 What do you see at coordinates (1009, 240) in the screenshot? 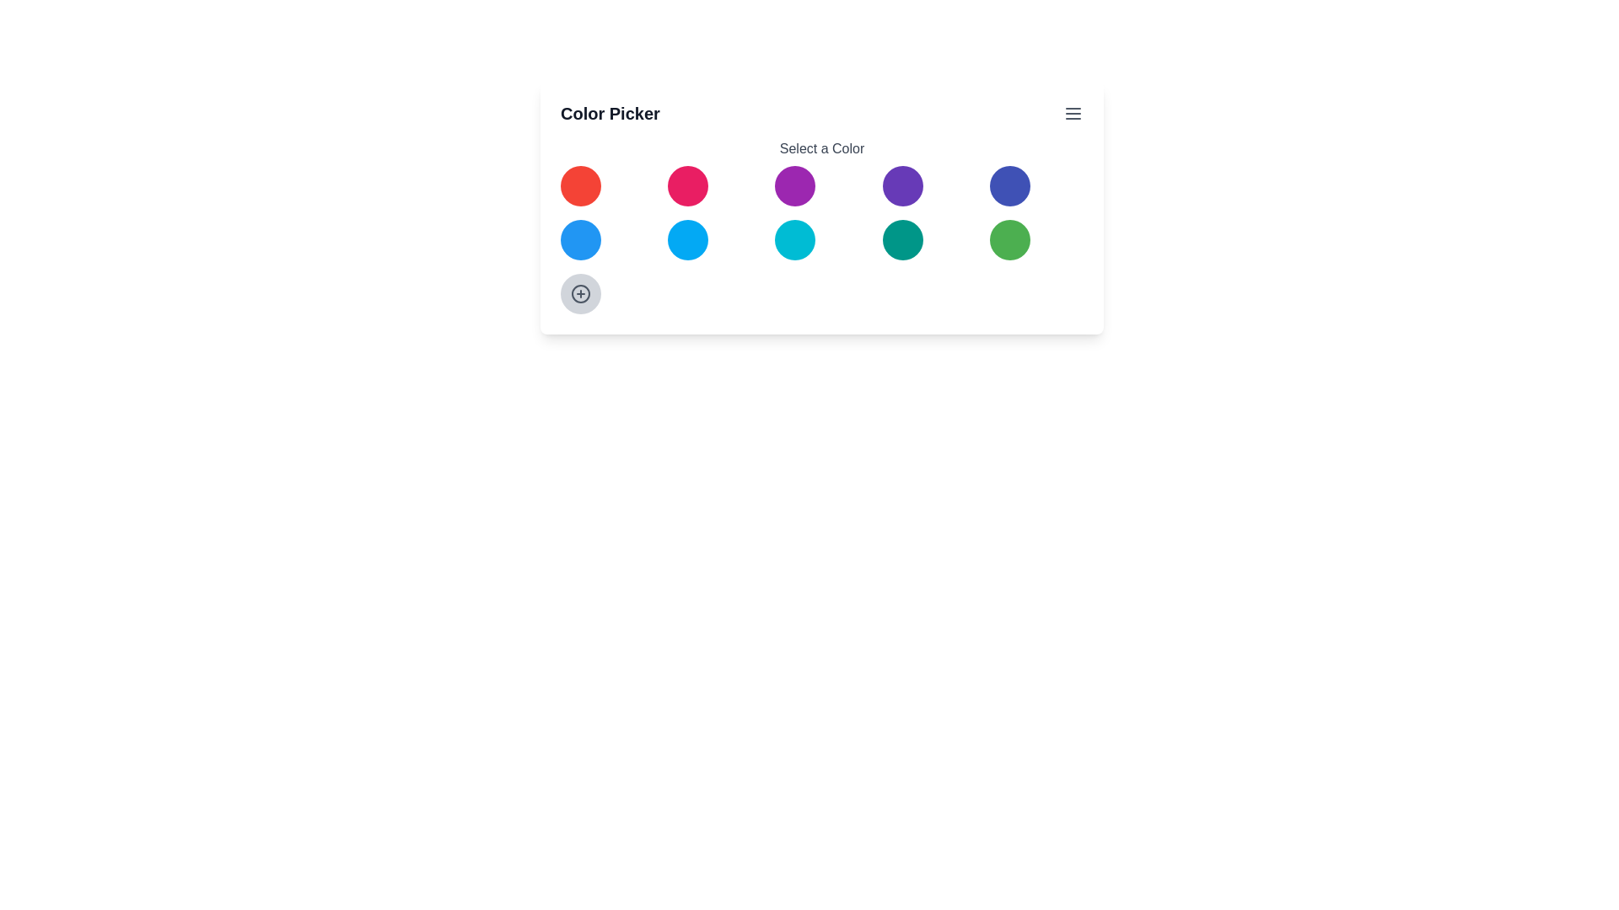
I see `the color circle with color green` at bounding box center [1009, 240].